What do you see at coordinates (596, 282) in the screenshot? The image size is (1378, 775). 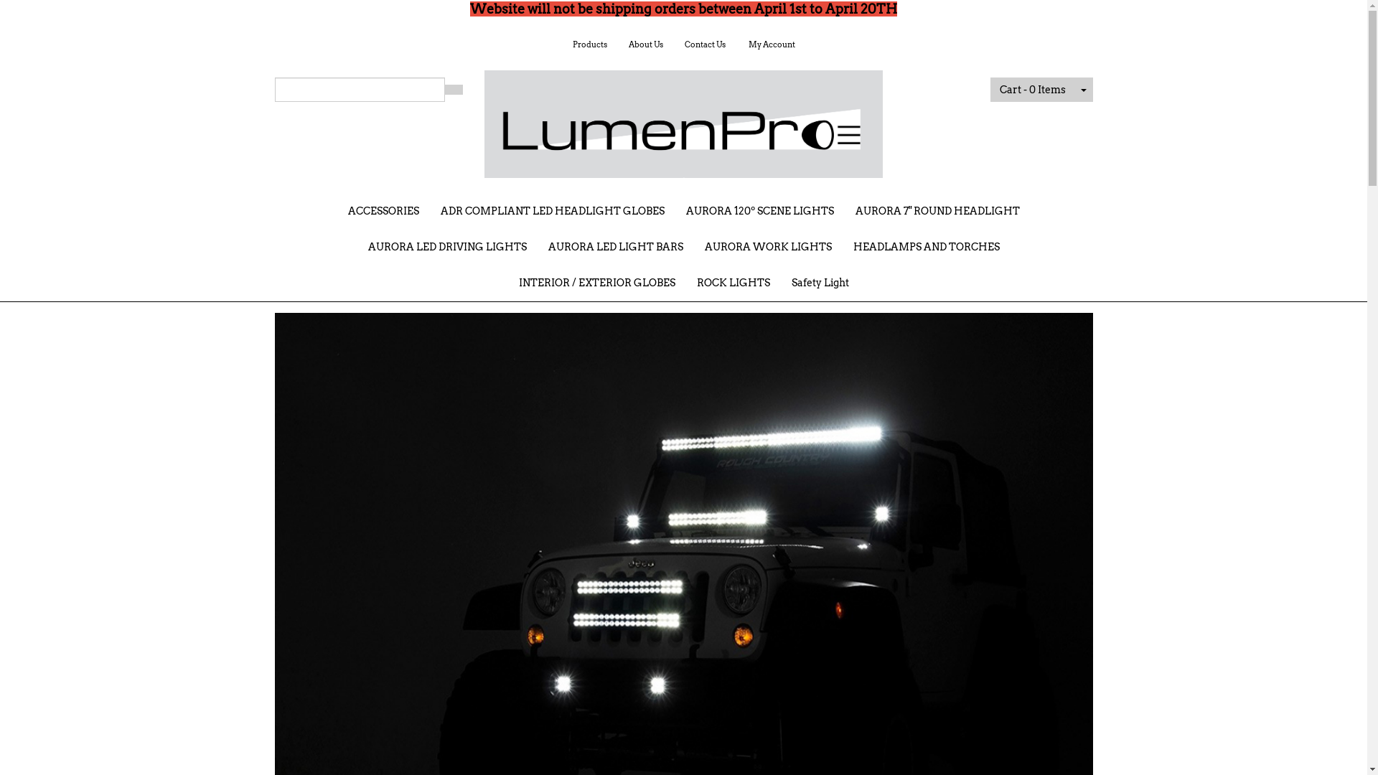 I see `'INTERIOR / EXTERIOR GLOBES'` at bounding box center [596, 282].